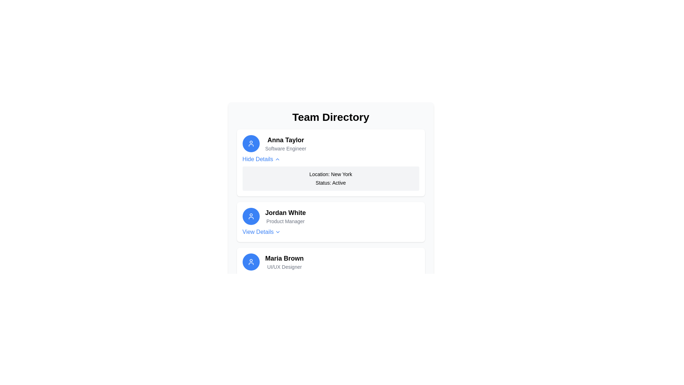 Image resolution: width=684 pixels, height=385 pixels. Describe the element at coordinates (277, 159) in the screenshot. I see `the Chevron icon located to the right of the 'Hide Details' text in the first directory entry for Anna Taylor in the 'Team Directory' list to receive potential visual feedback` at that location.